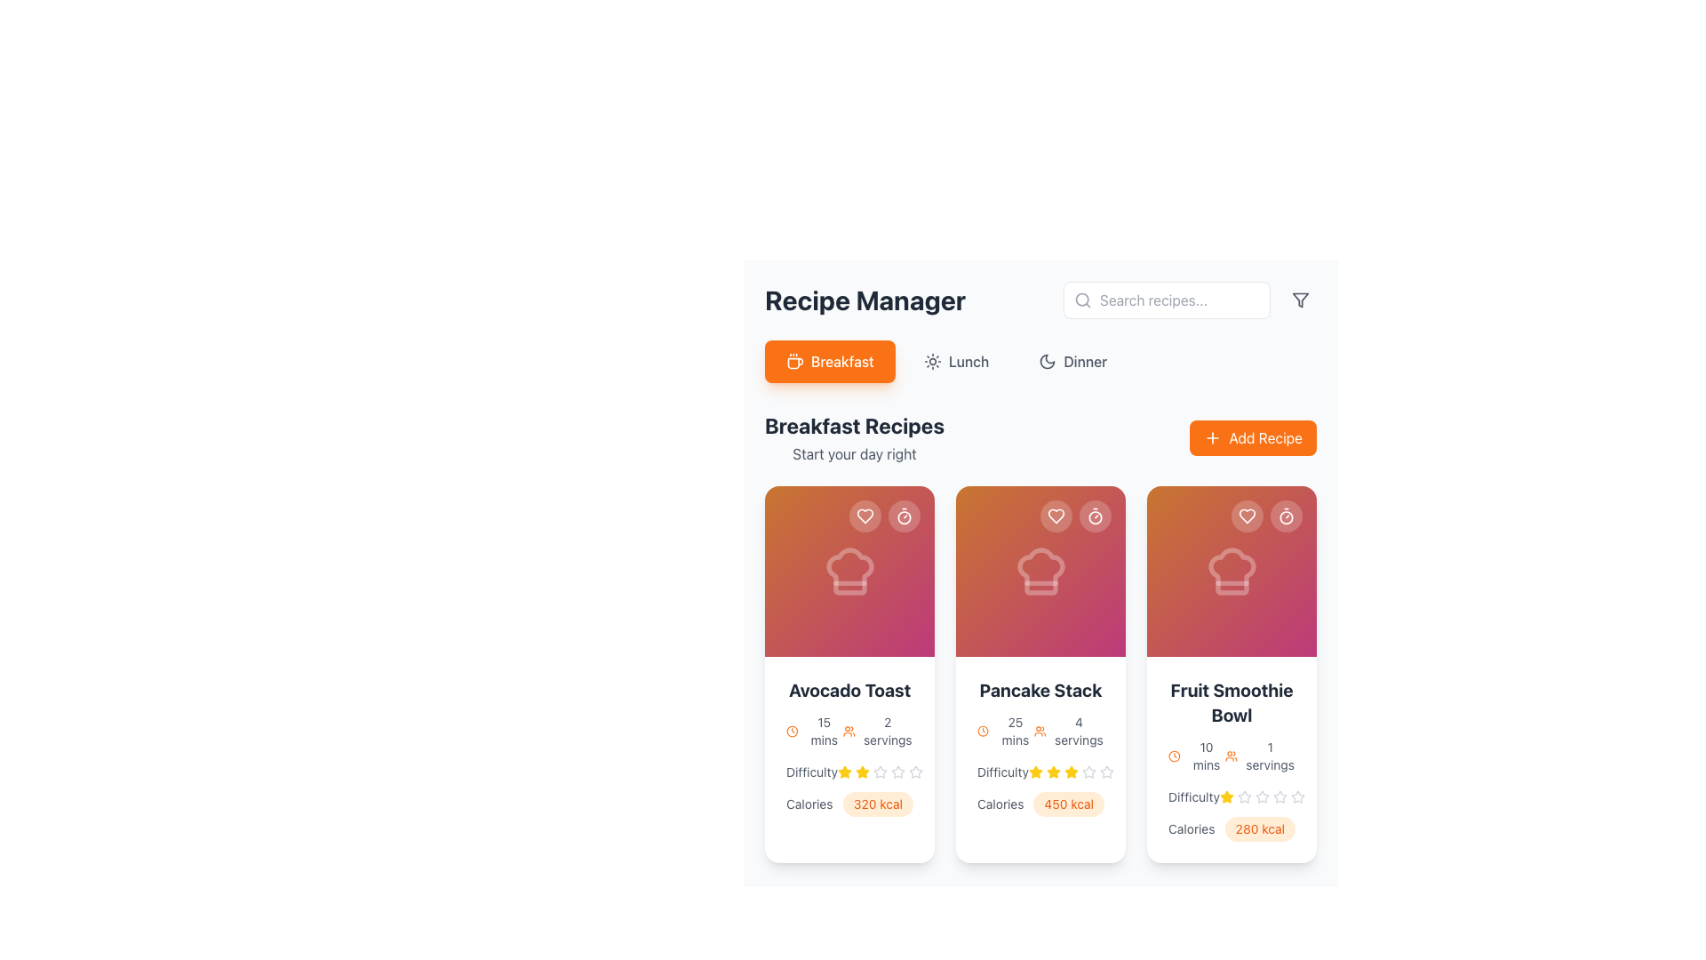 The image size is (1706, 960). What do you see at coordinates (880, 771) in the screenshot?
I see `the third rating star icon for the 'Avocado Toast' recipe card` at bounding box center [880, 771].